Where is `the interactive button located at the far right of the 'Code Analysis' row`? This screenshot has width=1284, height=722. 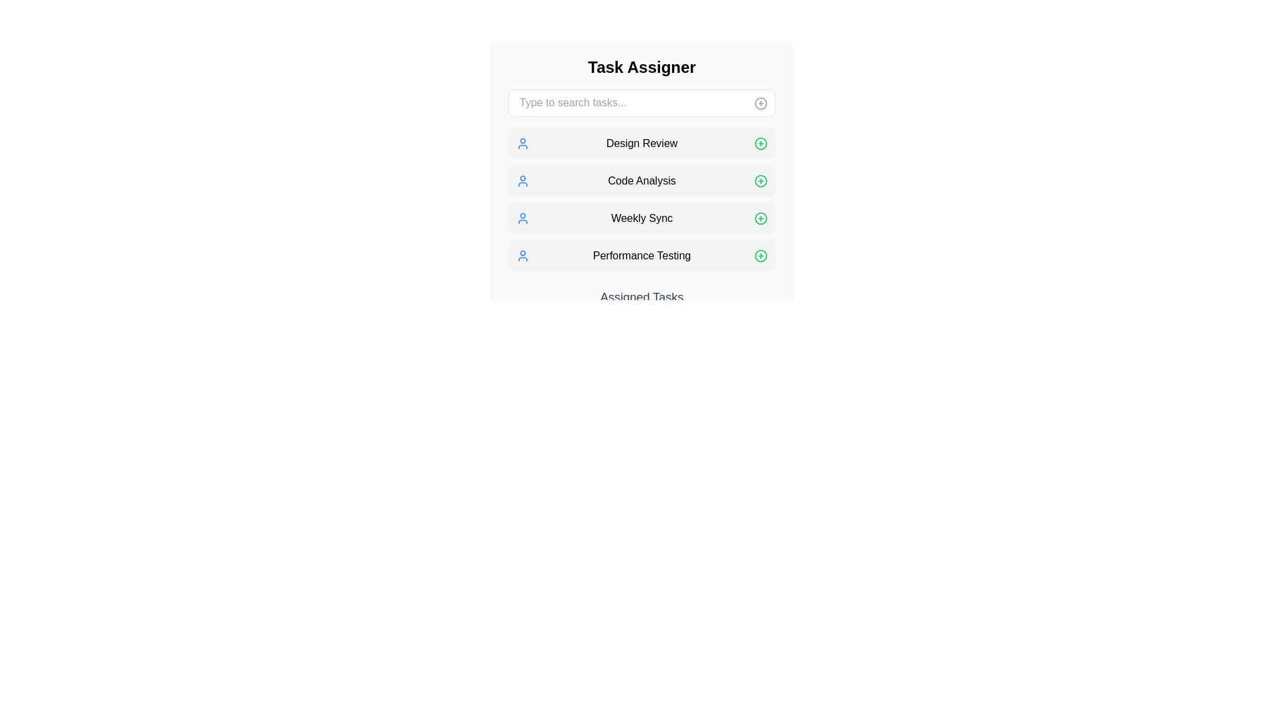 the interactive button located at the far right of the 'Code Analysis' row is located at coordinates (760, 180).